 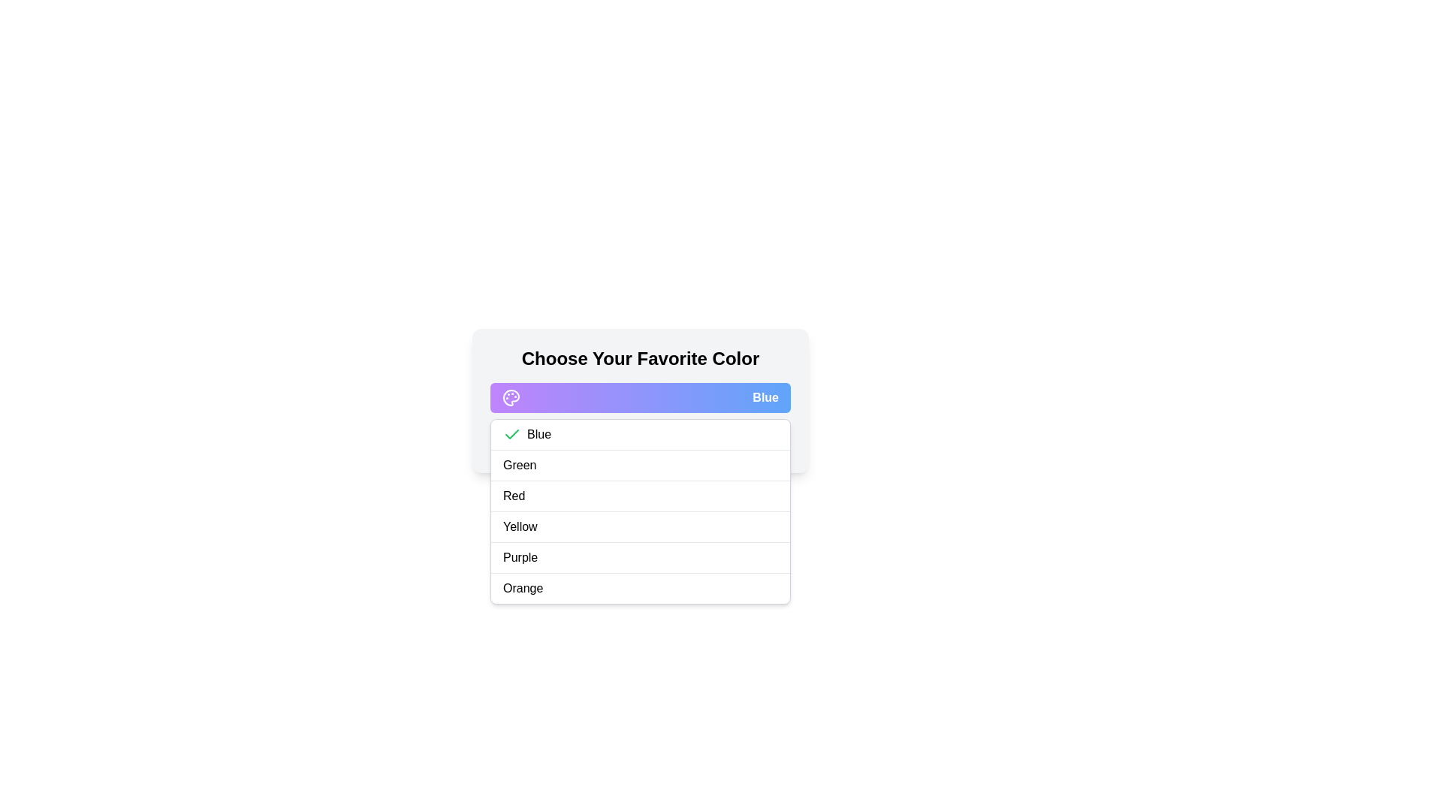 What do you see at coordinates (641, 435) in the screenshot?
I see `the first selectable list item representing the color option in the list labeled 'Choose Your Favorite Color'` at bounding box center [641, 435].